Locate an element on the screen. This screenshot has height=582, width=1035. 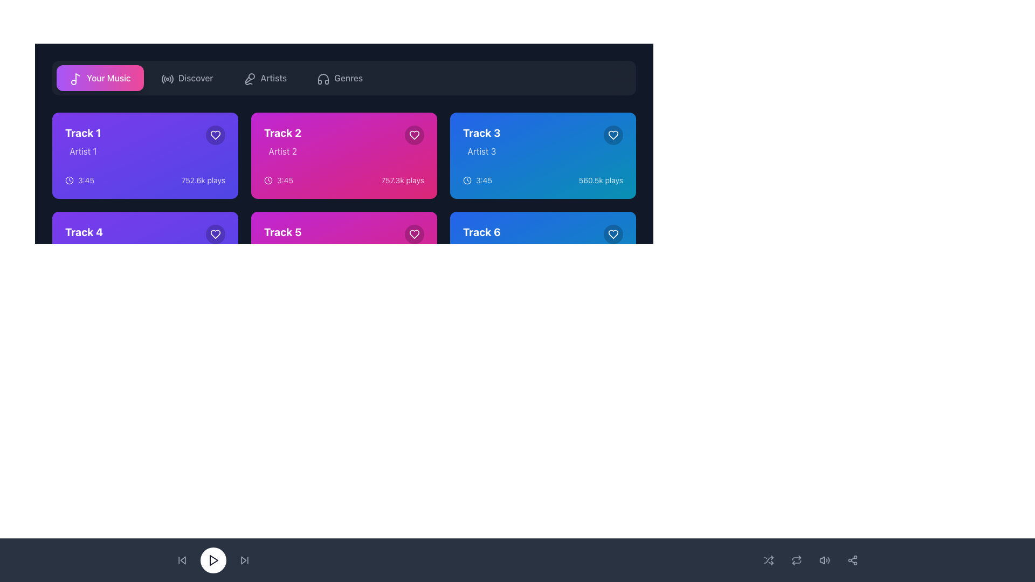
the text label indicating the artist associated with the music track 'Track 1', which is centrally located within the purple card labeled 'Track 1' is located at coordinates (82, 151).